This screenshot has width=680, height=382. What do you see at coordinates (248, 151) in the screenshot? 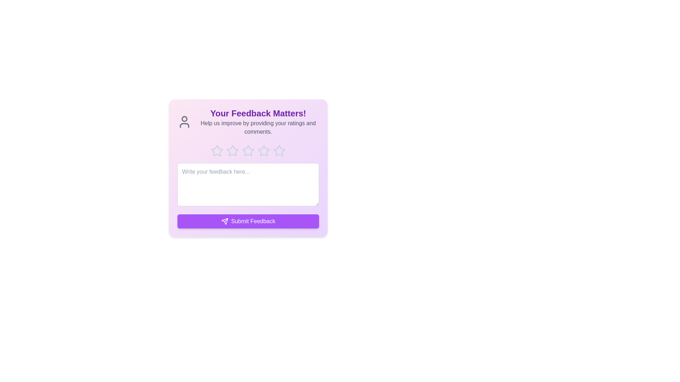
I see `the star corresponding to the desired rating 3` at bounding box center [248, 151].